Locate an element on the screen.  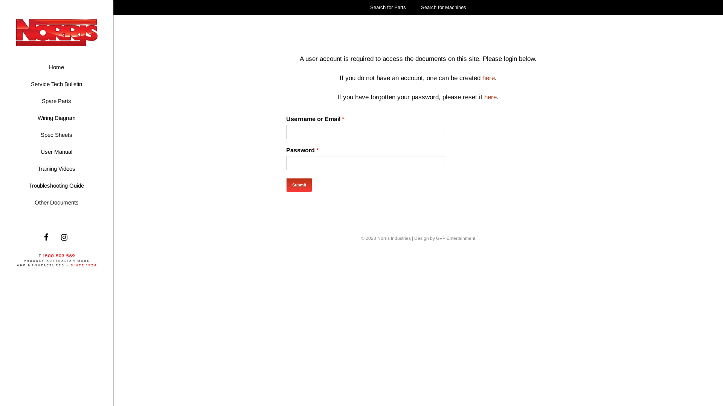
'Facebook' is located at coordinates (38, 238).